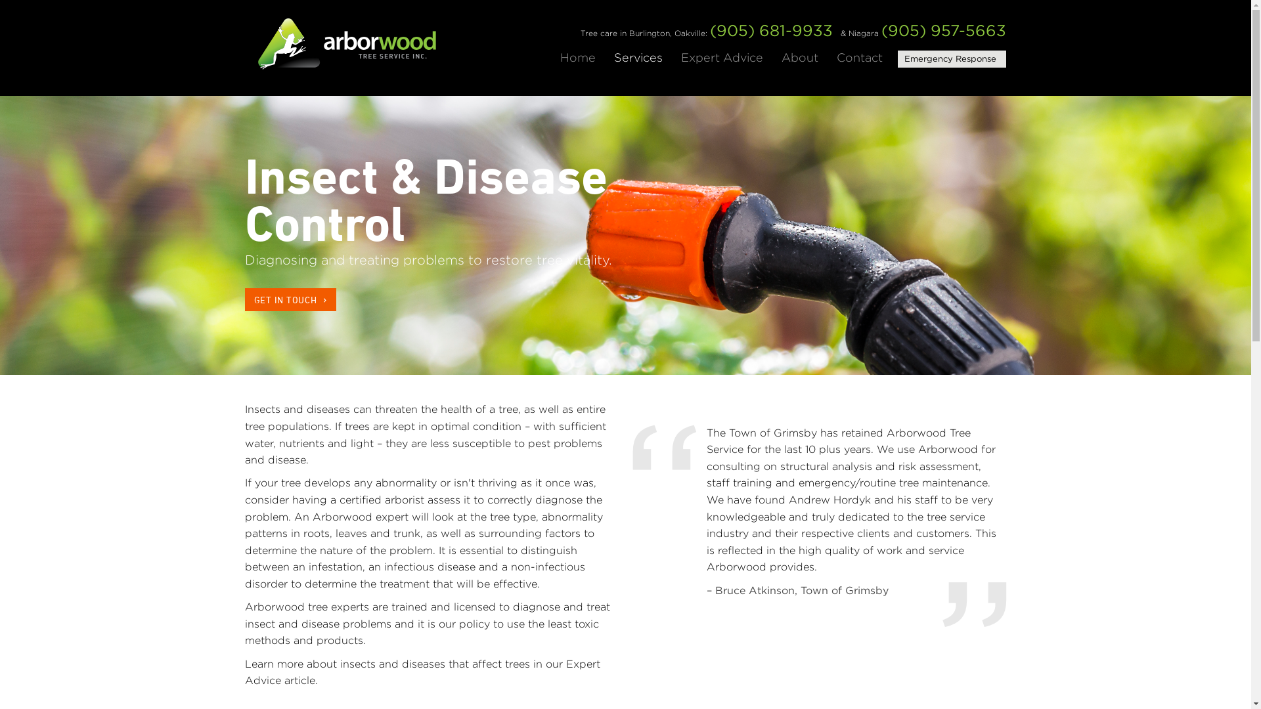  What do you see at coordinates (771, 30) in the screenshot?
I see `'(905) 681-9933'` at bounding box center [771, 30].